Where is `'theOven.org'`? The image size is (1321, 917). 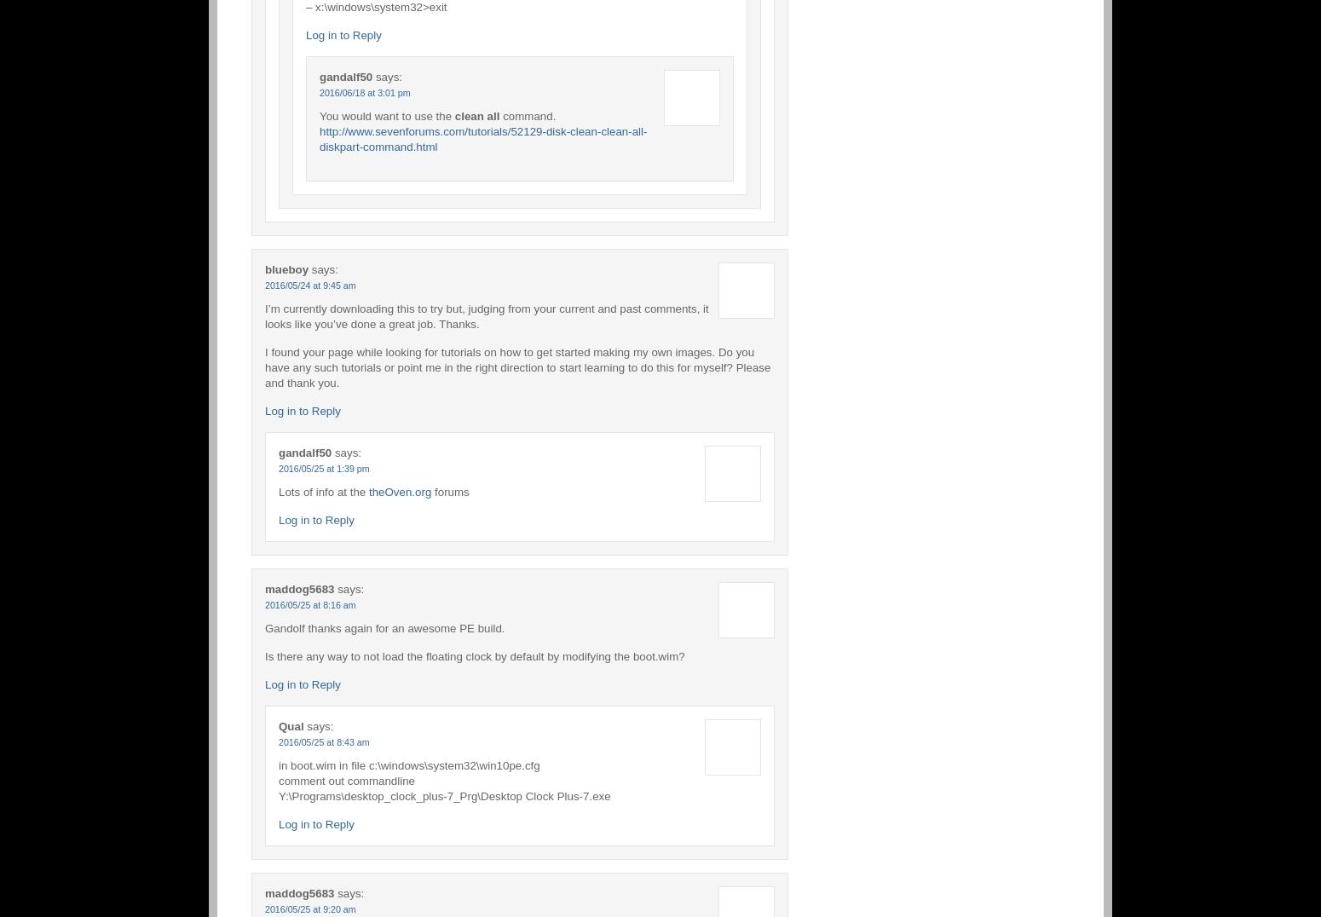 'theOven.org' is located at coordinates (401, 490).